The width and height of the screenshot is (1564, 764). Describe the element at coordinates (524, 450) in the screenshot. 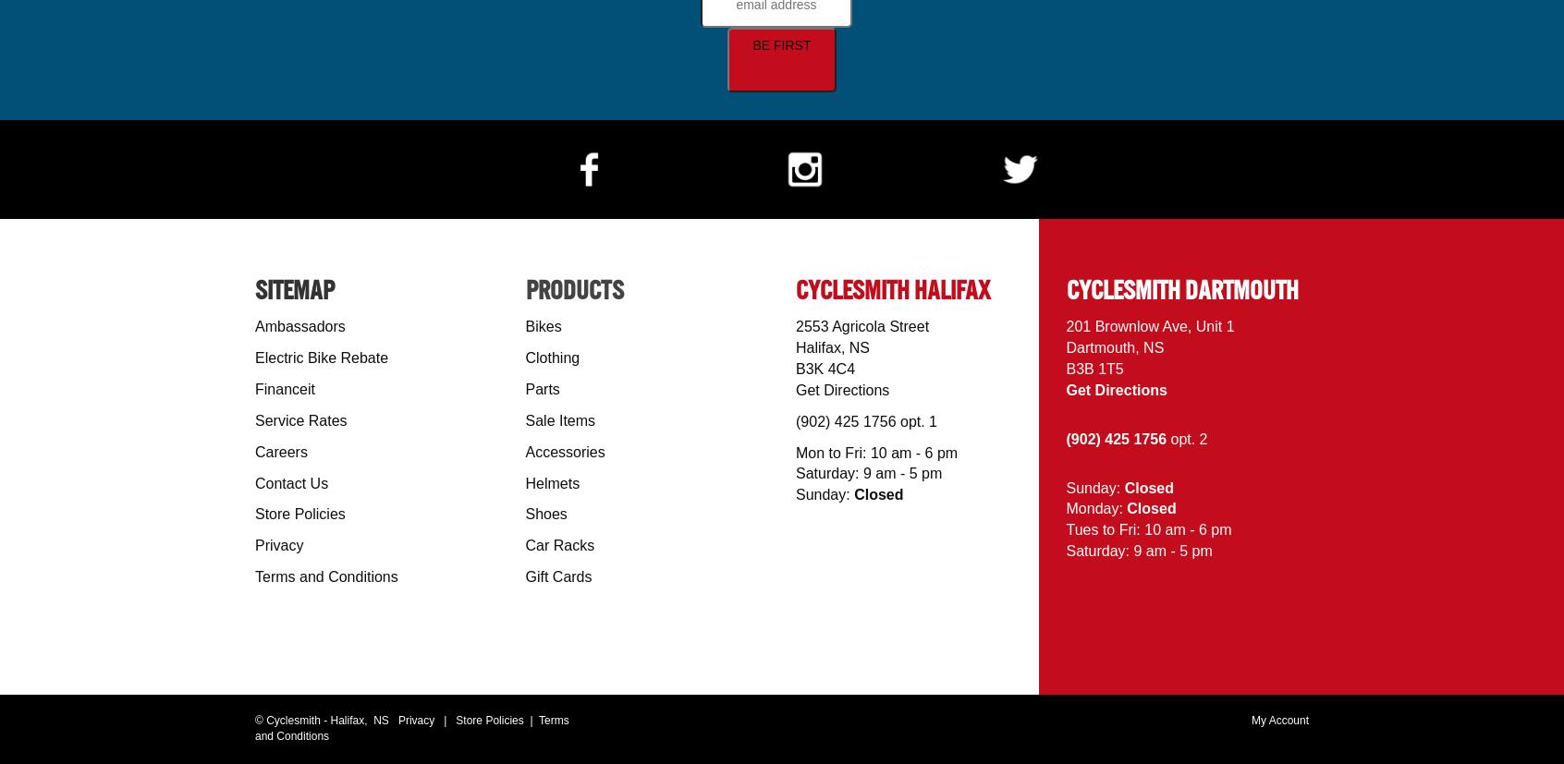

I see `'Accessories'` at that location.